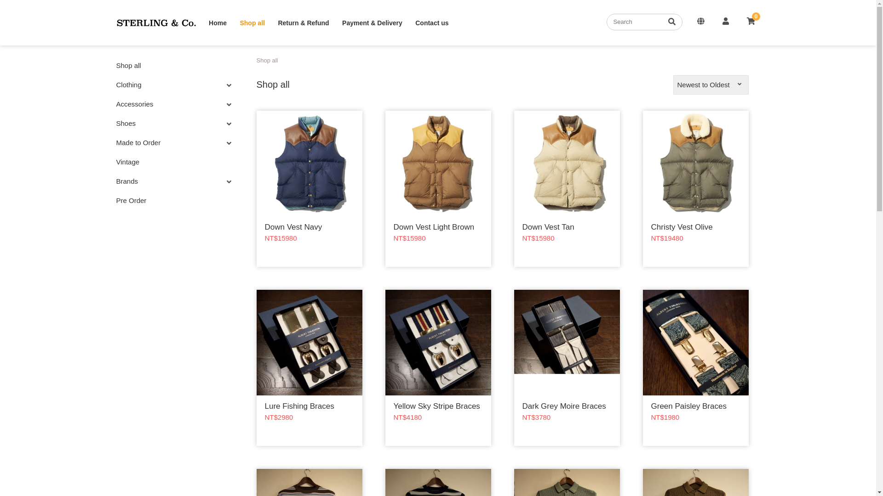 This screenshot has height=496, width=883. What do you see at coordinates (168, 161) in the screenshot?
I see `'Vintage'` at bounding box center [168, 161].